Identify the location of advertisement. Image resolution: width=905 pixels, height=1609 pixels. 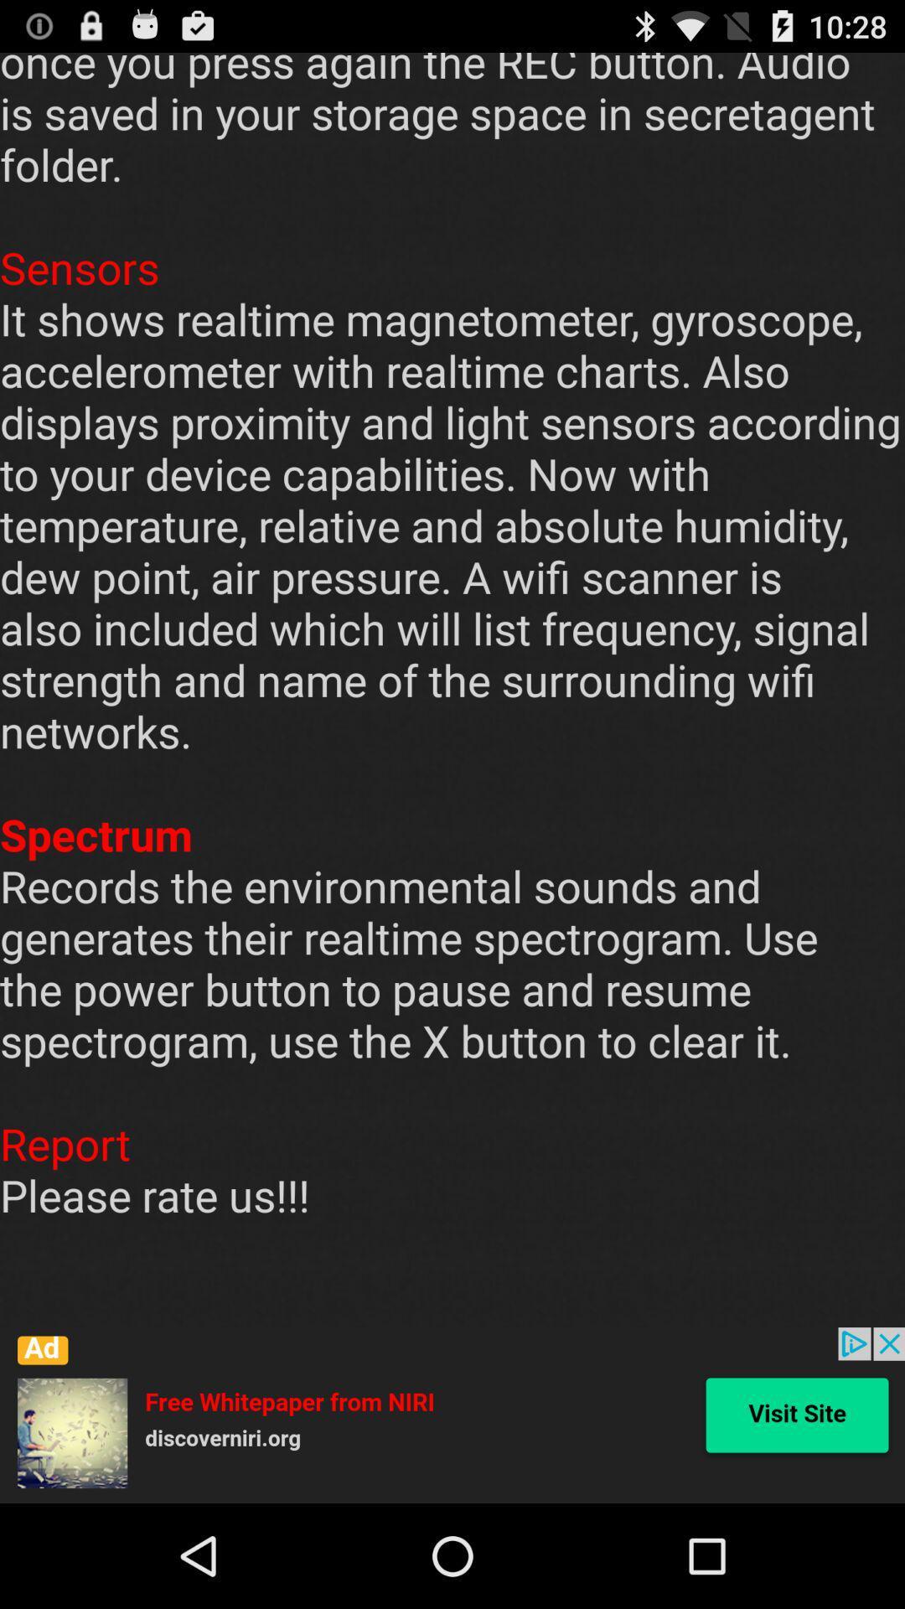
(452, 1415).